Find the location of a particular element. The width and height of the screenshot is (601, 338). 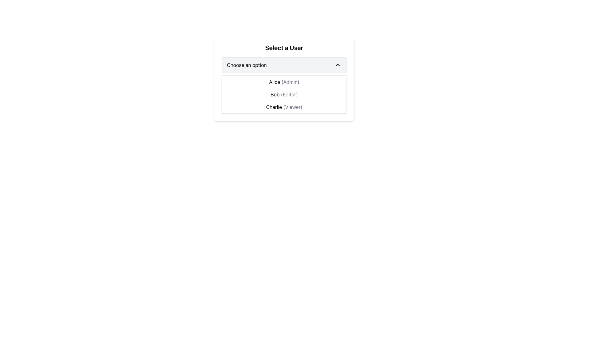

the user name in the dropdown menu is located at coordinates (284, 94).